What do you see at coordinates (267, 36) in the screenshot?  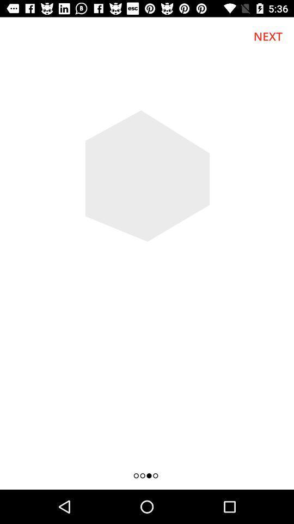 I see `the item at the top right corner` at bounding box center [267, 36].